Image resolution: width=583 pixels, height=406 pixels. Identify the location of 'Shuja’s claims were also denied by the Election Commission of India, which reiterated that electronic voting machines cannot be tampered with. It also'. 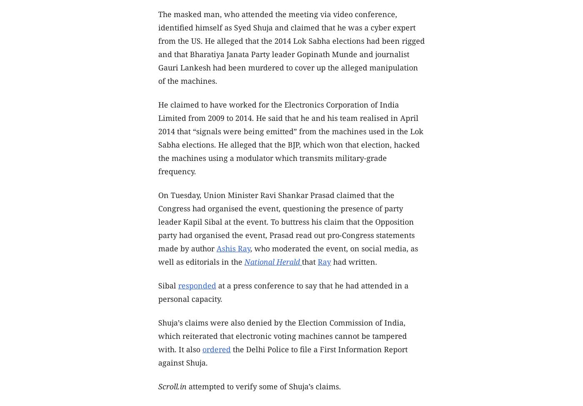
(282, 335).